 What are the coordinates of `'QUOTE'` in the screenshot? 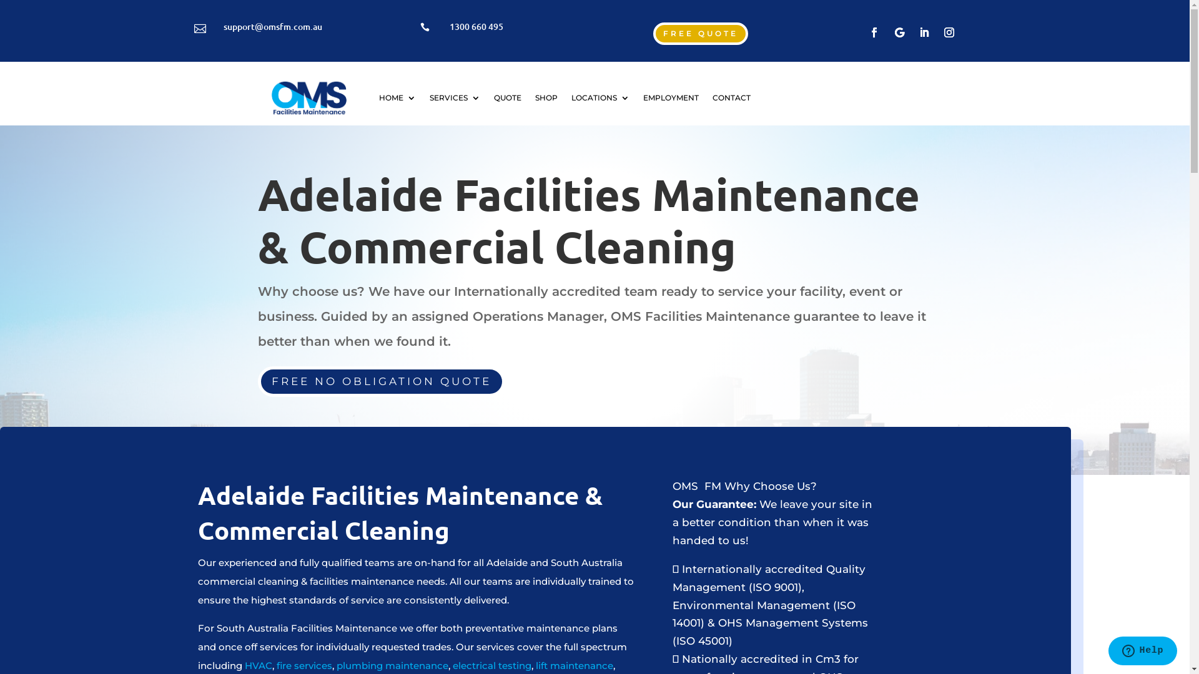 It's located at (507, 97).